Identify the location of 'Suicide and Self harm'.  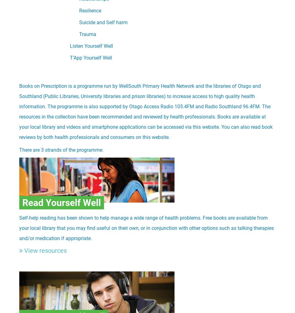
(103, 22).